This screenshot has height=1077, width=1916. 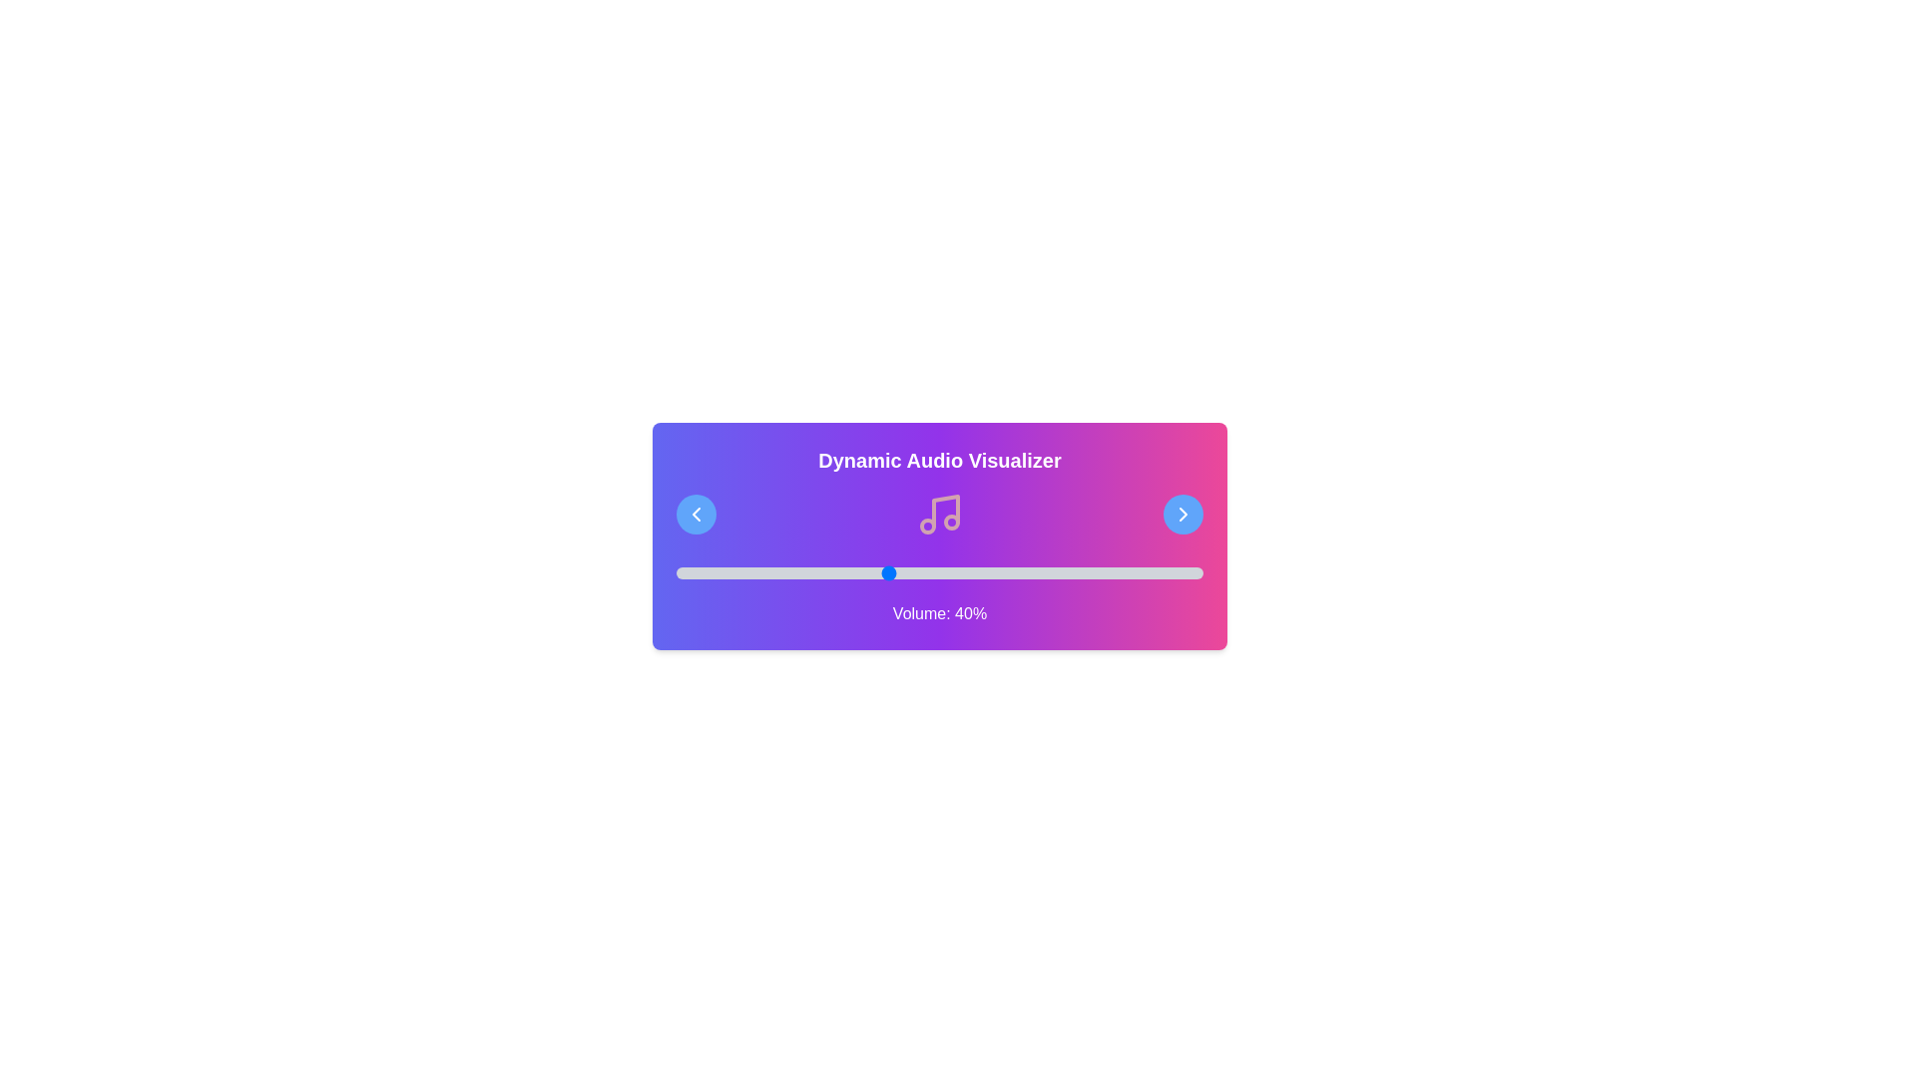 What do you see at coordinates (998, 572) in the screenshot?
I see `the volume slider to set the volume to 61%` at bounding box center [998, 572].